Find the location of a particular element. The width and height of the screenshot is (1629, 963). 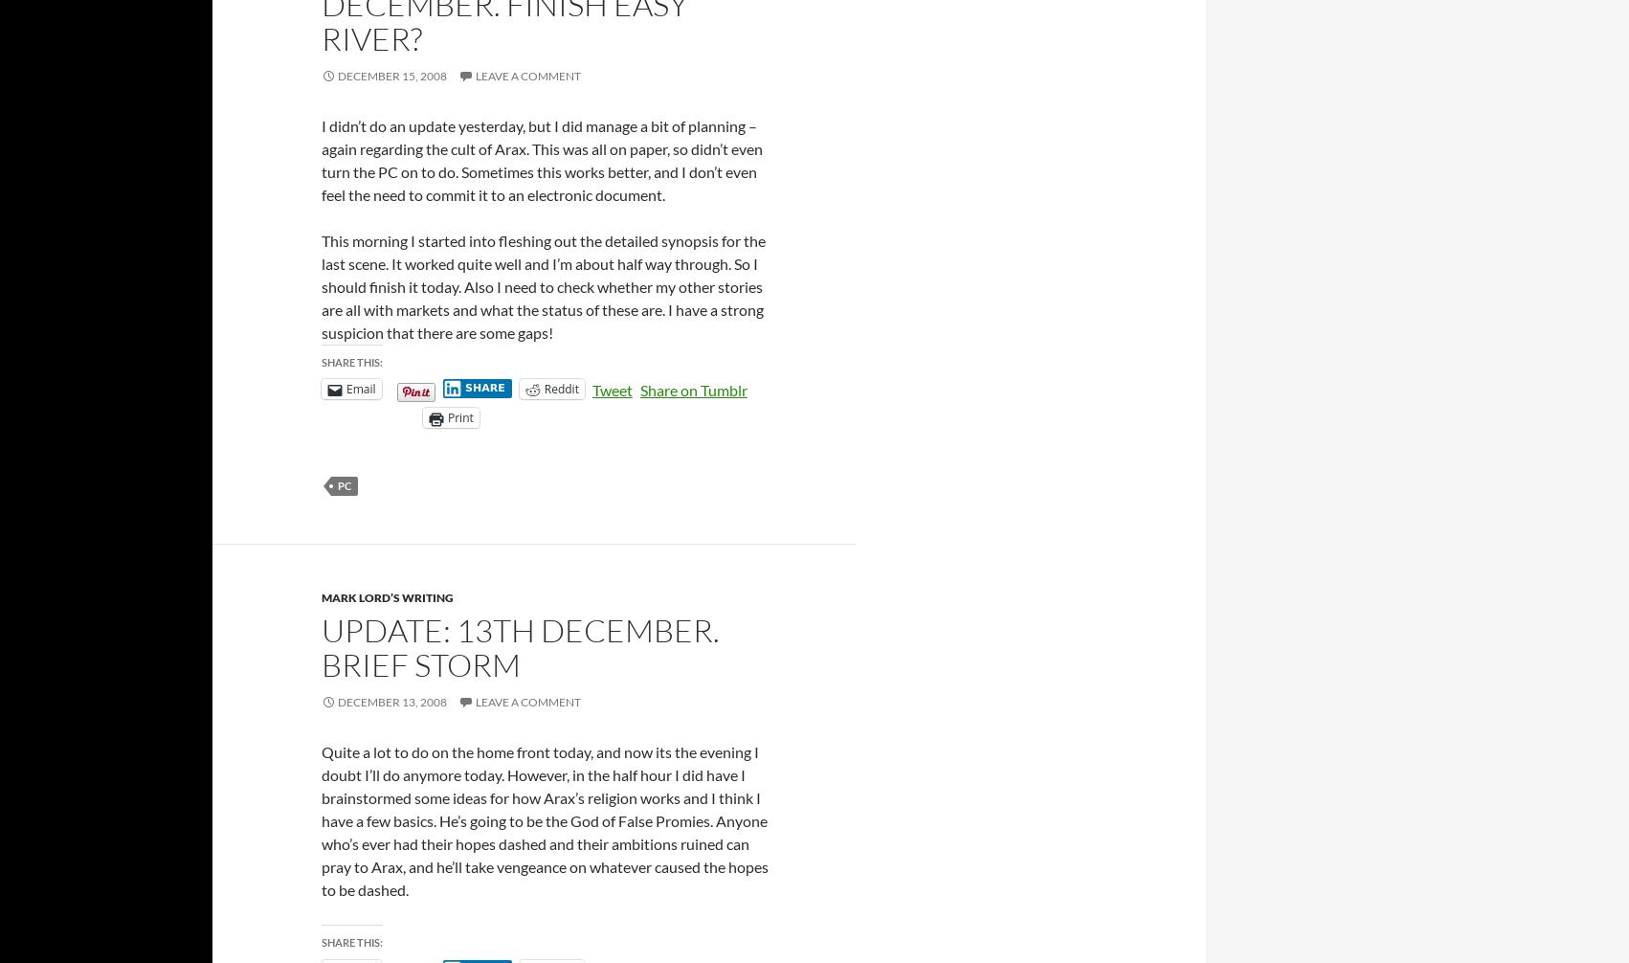

'This morning I started into fleshing out the detailed synopsis for the last scene. It worked quite well and I’m about half way through. So I should finish it today. Also I need to check whether my other stories are all with markets and what the status of these are. I have a strong suspicion that there are some gaps!' is located at coordinates (542, 285).